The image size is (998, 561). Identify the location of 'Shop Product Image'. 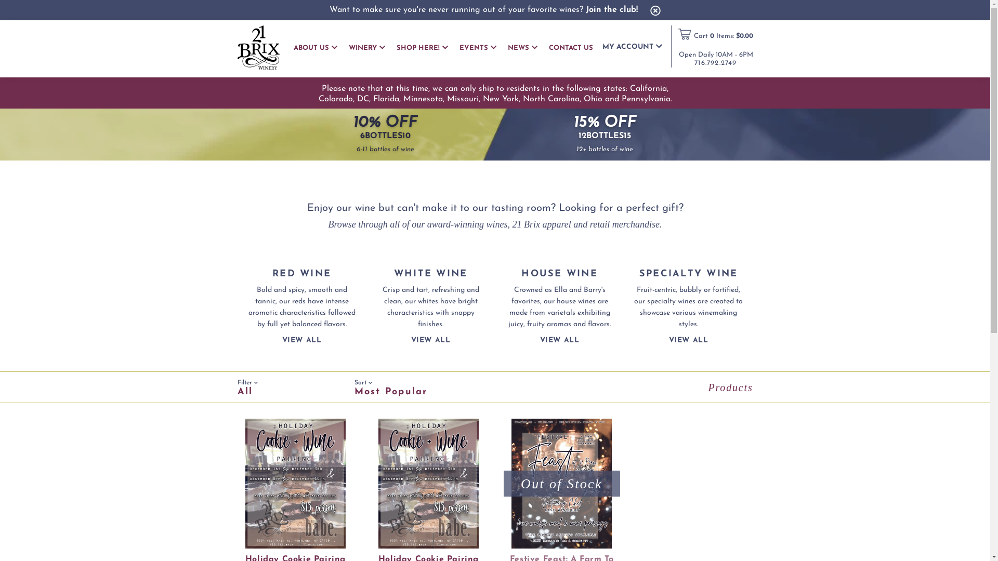
(428, 483).